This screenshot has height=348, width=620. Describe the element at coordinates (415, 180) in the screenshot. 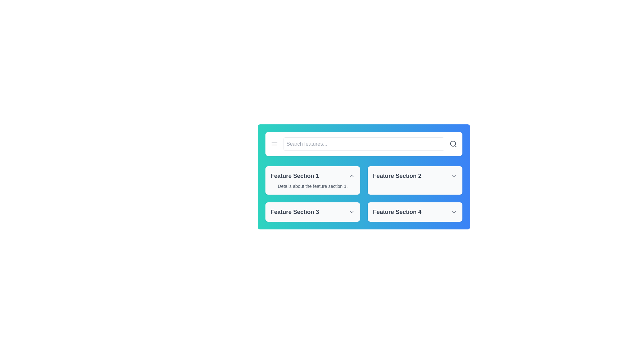

I see `the chevron icon on the 'Feature Section 2' header` at that location.